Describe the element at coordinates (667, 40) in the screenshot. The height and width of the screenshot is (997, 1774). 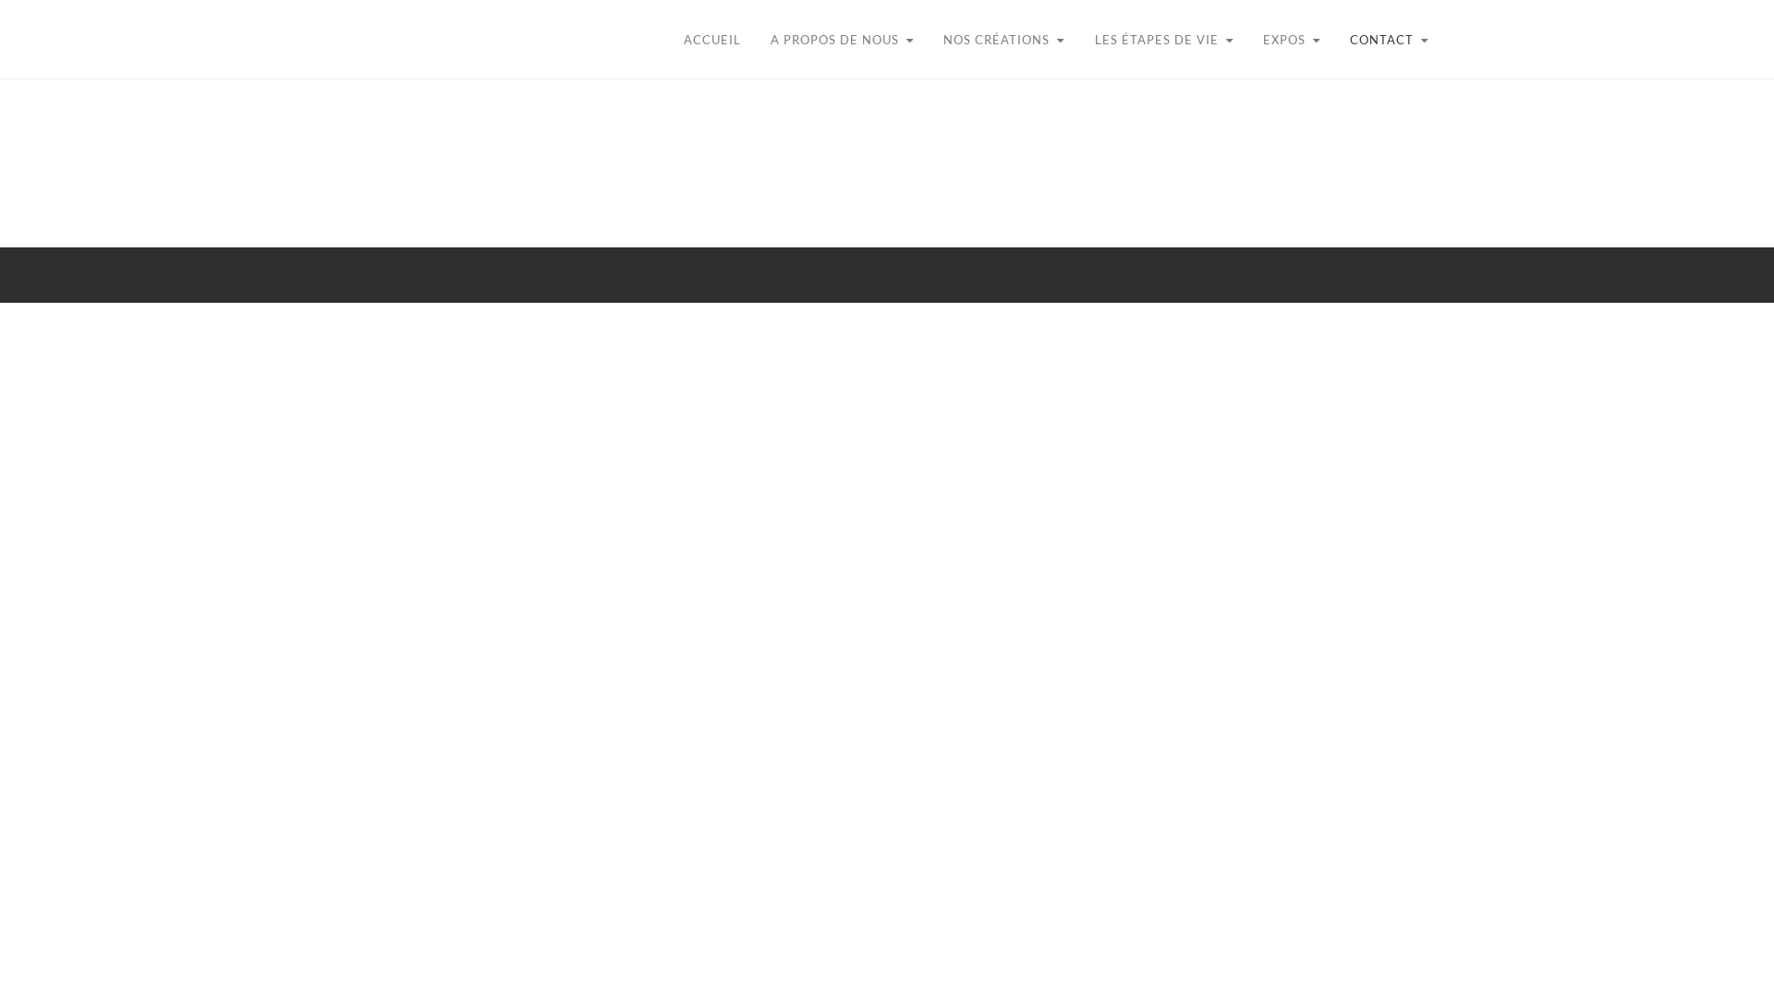
I see `'ACCUEIL'` at that location.